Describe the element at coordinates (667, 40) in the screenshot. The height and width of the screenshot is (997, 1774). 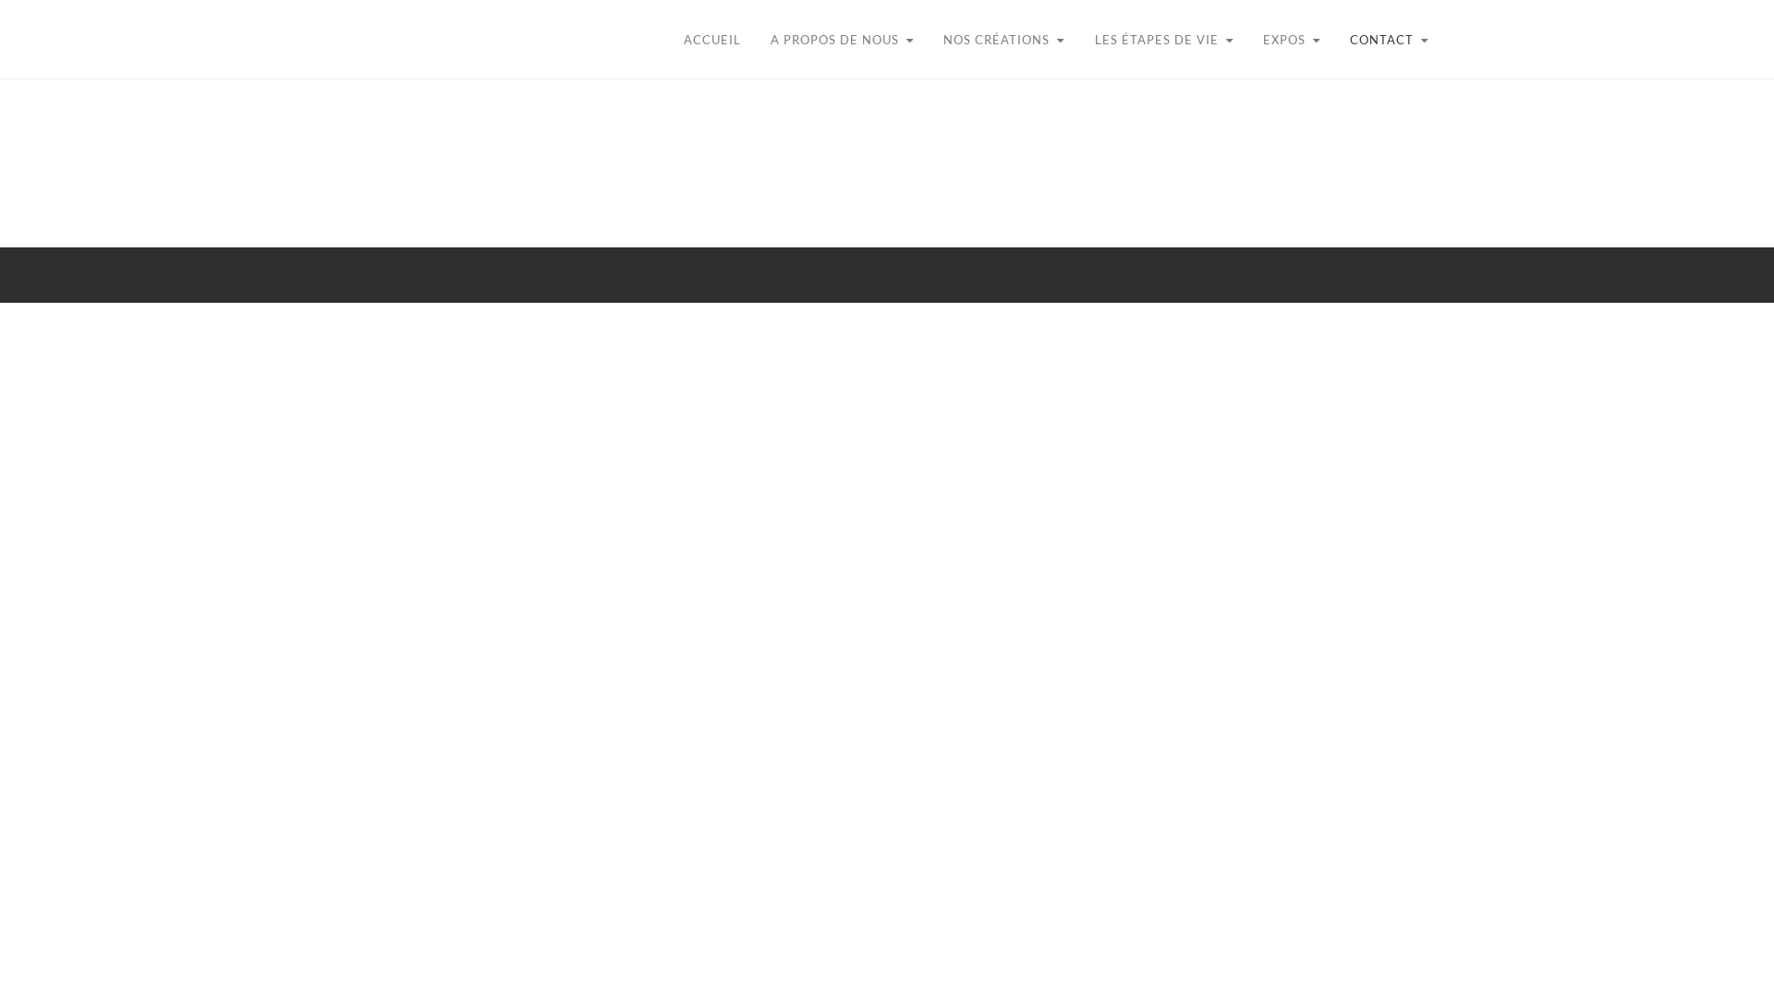
I see `'ACCUEIL'` at that location.